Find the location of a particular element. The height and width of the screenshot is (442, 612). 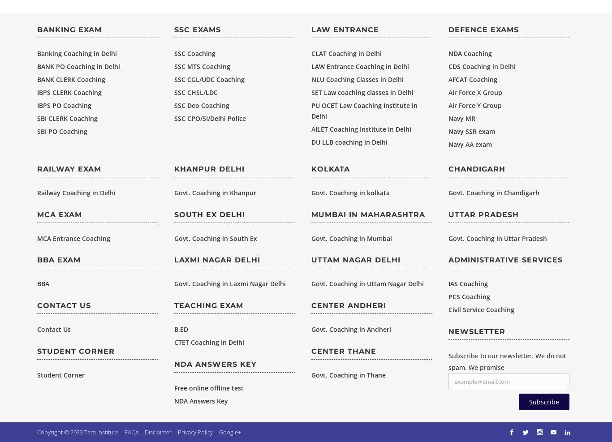

'SSC Coaching' is located at coordinates (194, 53).